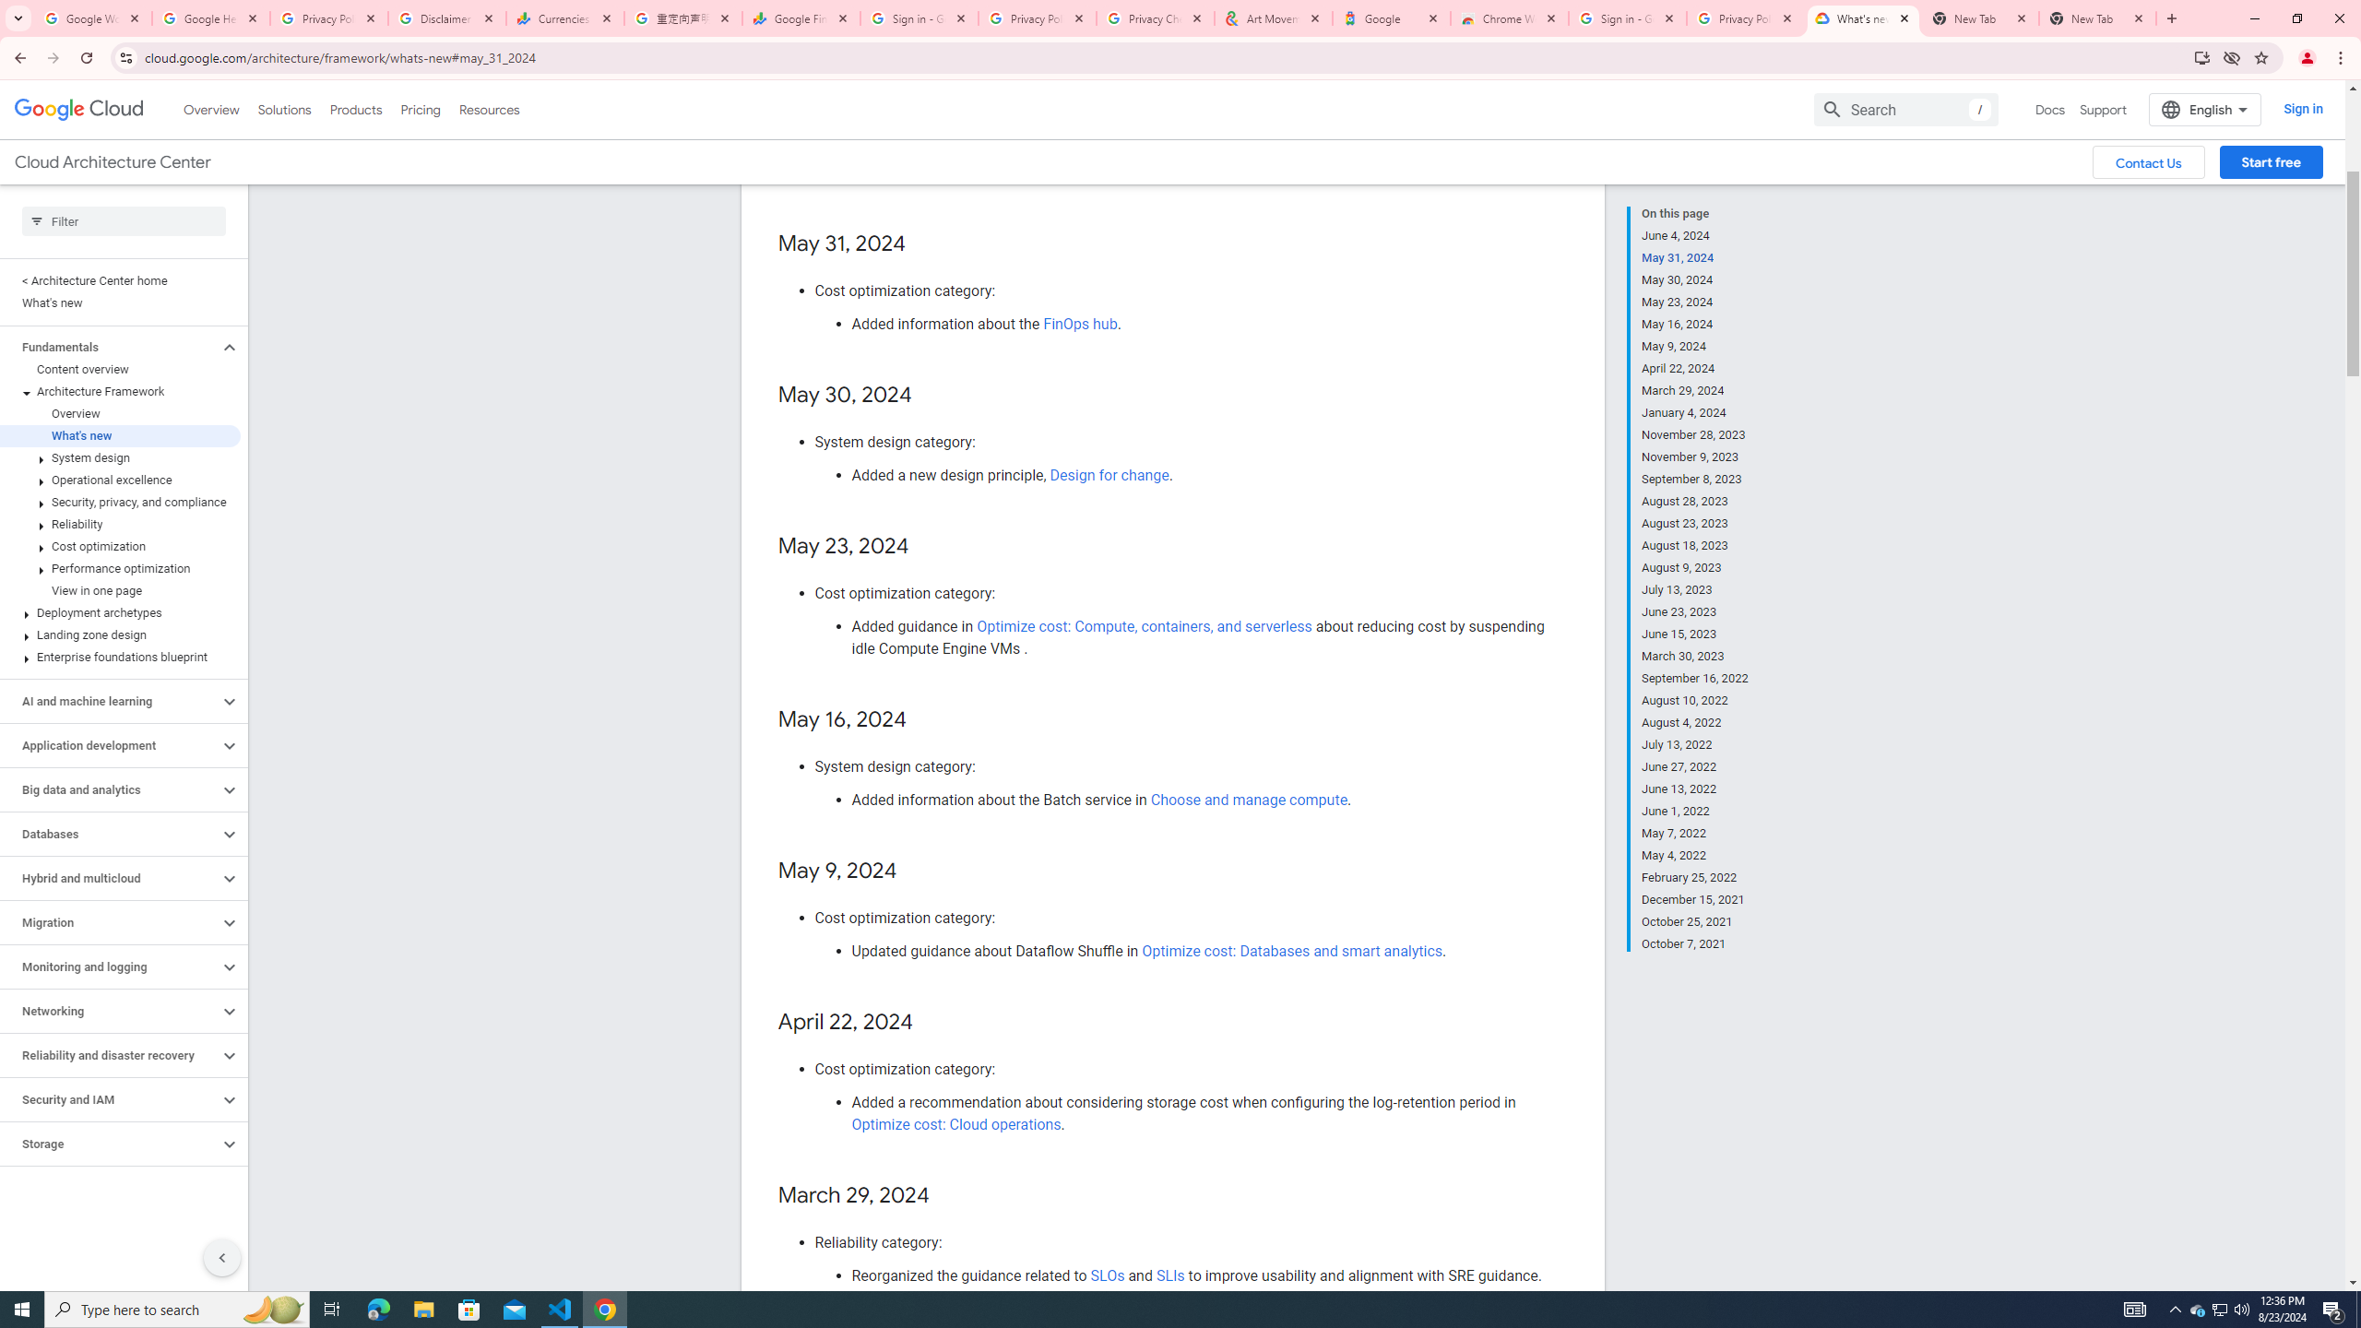 This screenshot has width=2361, height=1328. I want to click on 'Enterprise foundations blueprint', so click(120, 657).